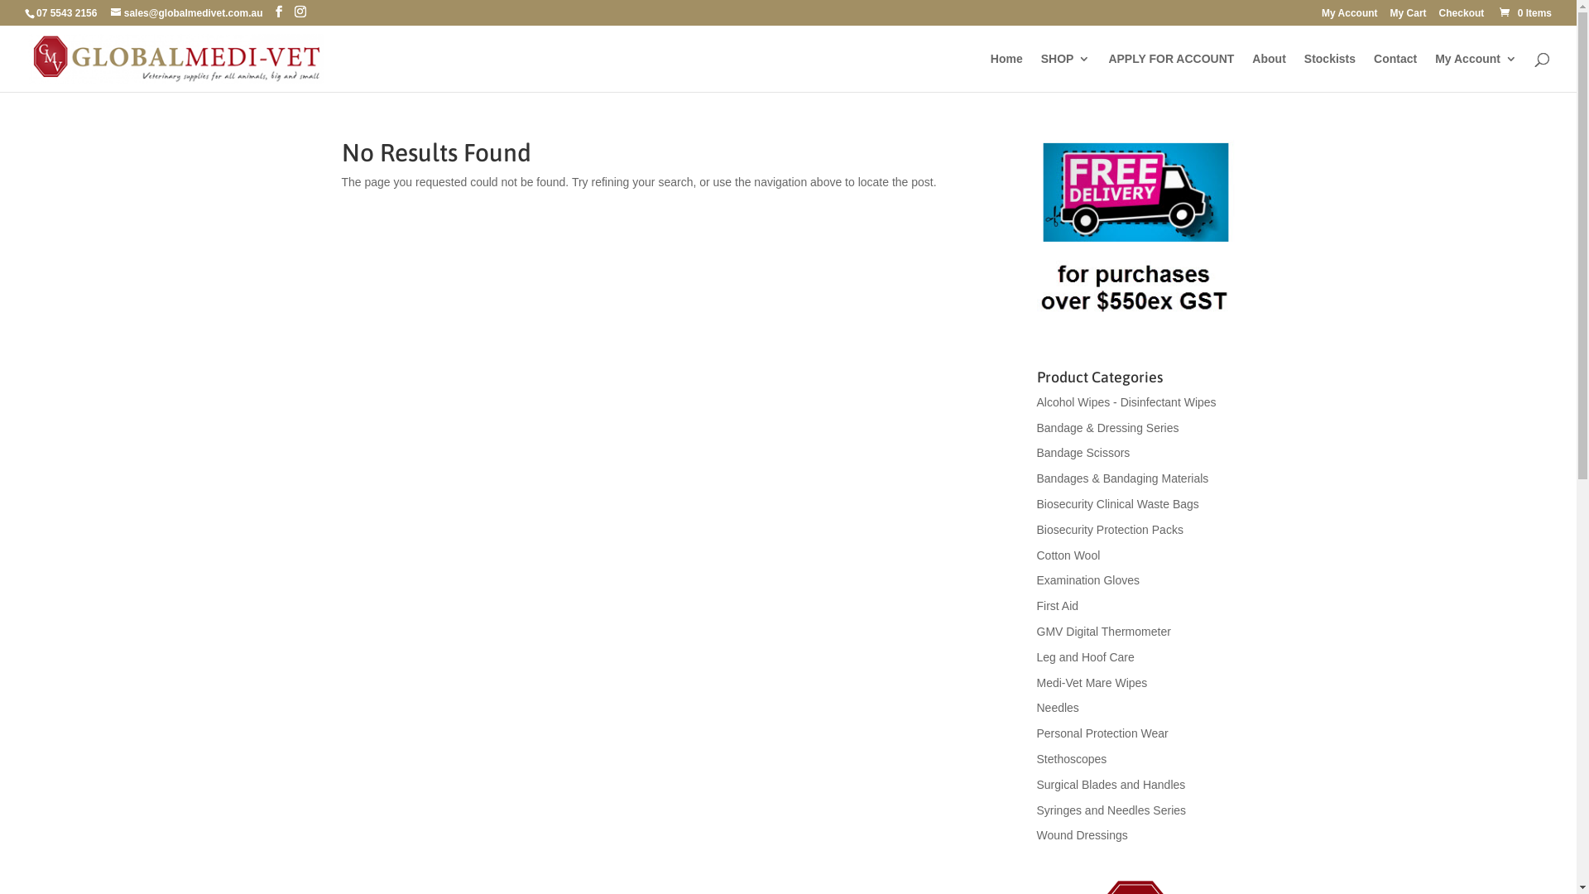 Image resolution: width=1589 pixels, height=894 pixels. Describe the element at coordinates (1084, 656) in the screenshot. I see `'Leg and Hoof Care'` at that location.